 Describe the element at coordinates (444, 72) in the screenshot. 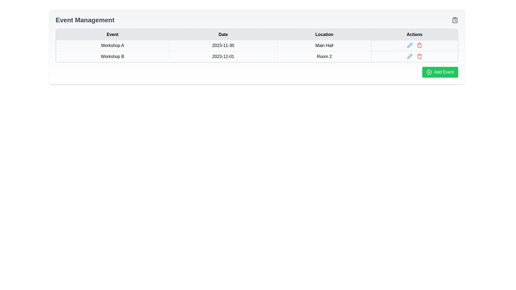

I see `text label inside the green 'Add Event' button located in the bottom-right corner of the event management table to understand its functionality` at that location.